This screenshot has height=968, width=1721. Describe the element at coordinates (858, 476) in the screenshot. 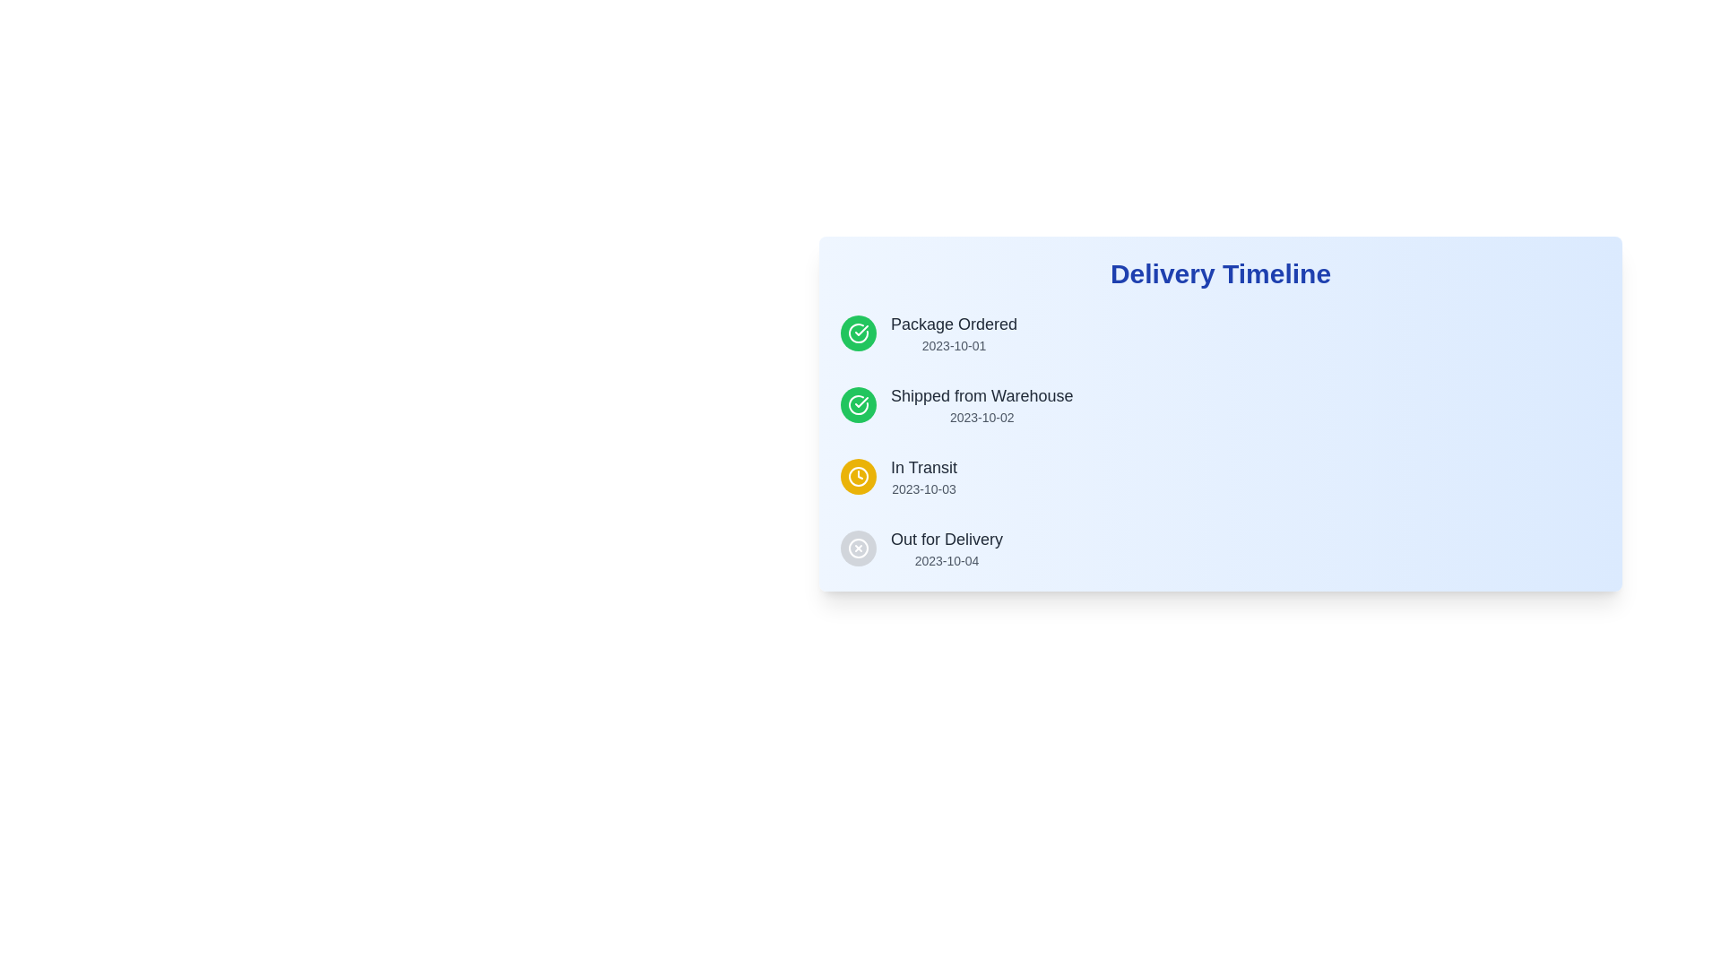

I see `the 'In Transit' status icon, which is the third icon in the vertical sequence of delivery timeline indicators, positioned to the left of the text 'In Transit' and '2023-10-03'` at that location.